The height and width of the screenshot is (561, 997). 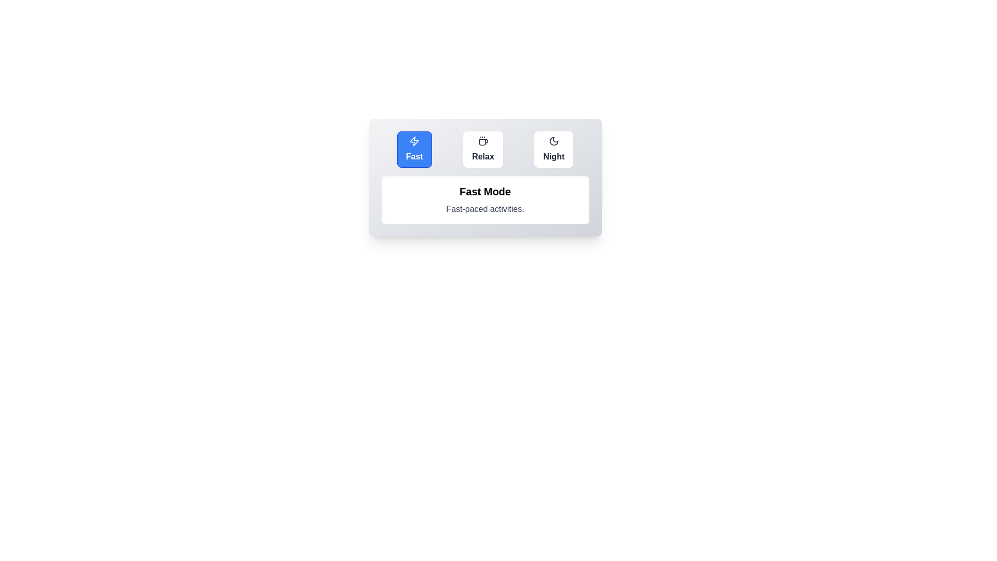 I want to click on the 'Fast' button, which is a rectangular button with a blue background and white text, featuring a lightning bolt icon above the text. It is the first button in a group of three aligned horizontally, so click(x=414, y=150).